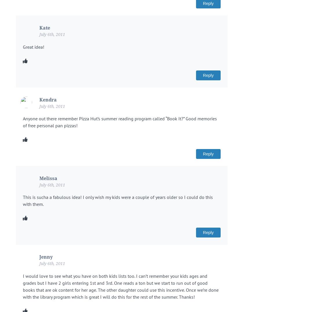 Image resolution: width=333 pixels, height=312 pixels. Describe the element at coordinates (46, 257) in the screenshot. I see `'Jenny'` at that location.